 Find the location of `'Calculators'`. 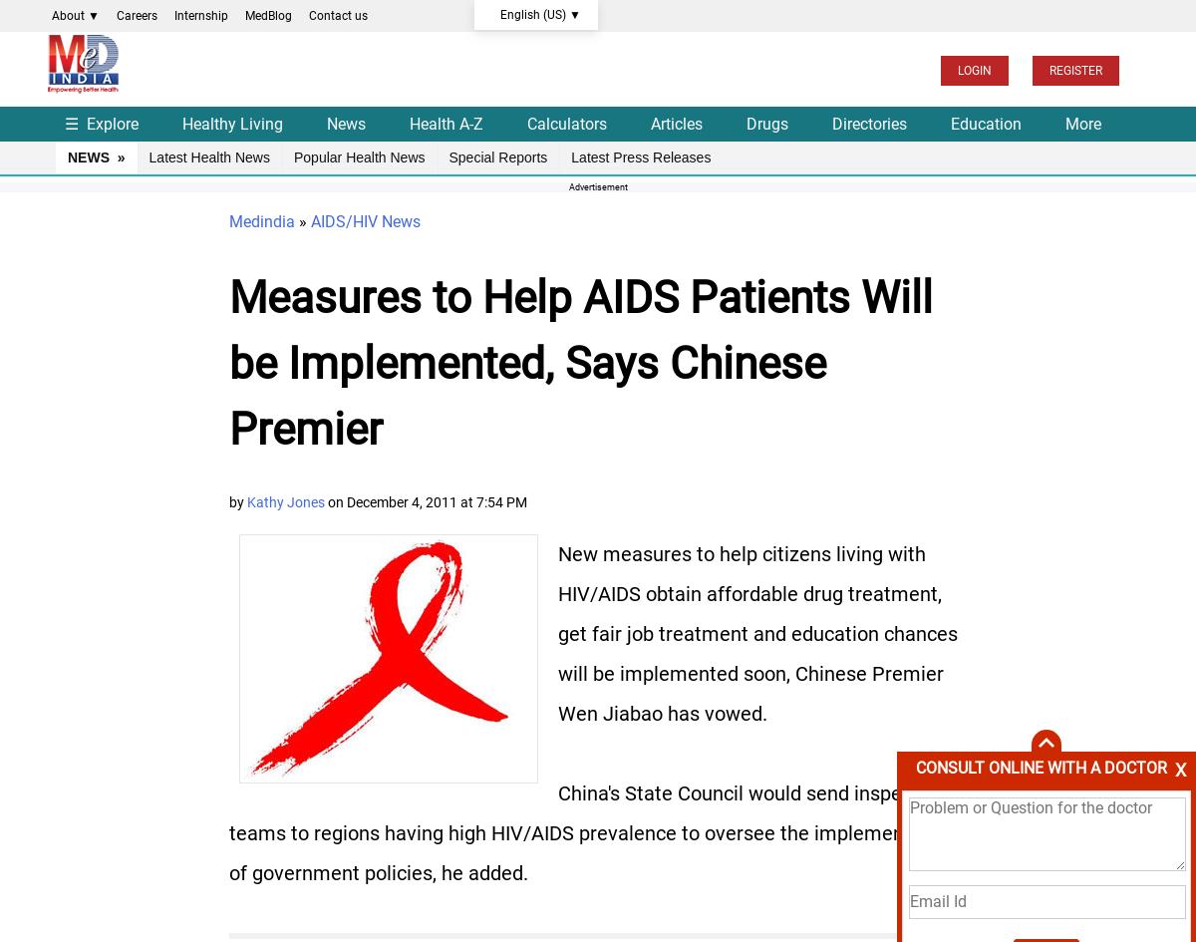

'Calculators' is located at coordinates (566, 122).